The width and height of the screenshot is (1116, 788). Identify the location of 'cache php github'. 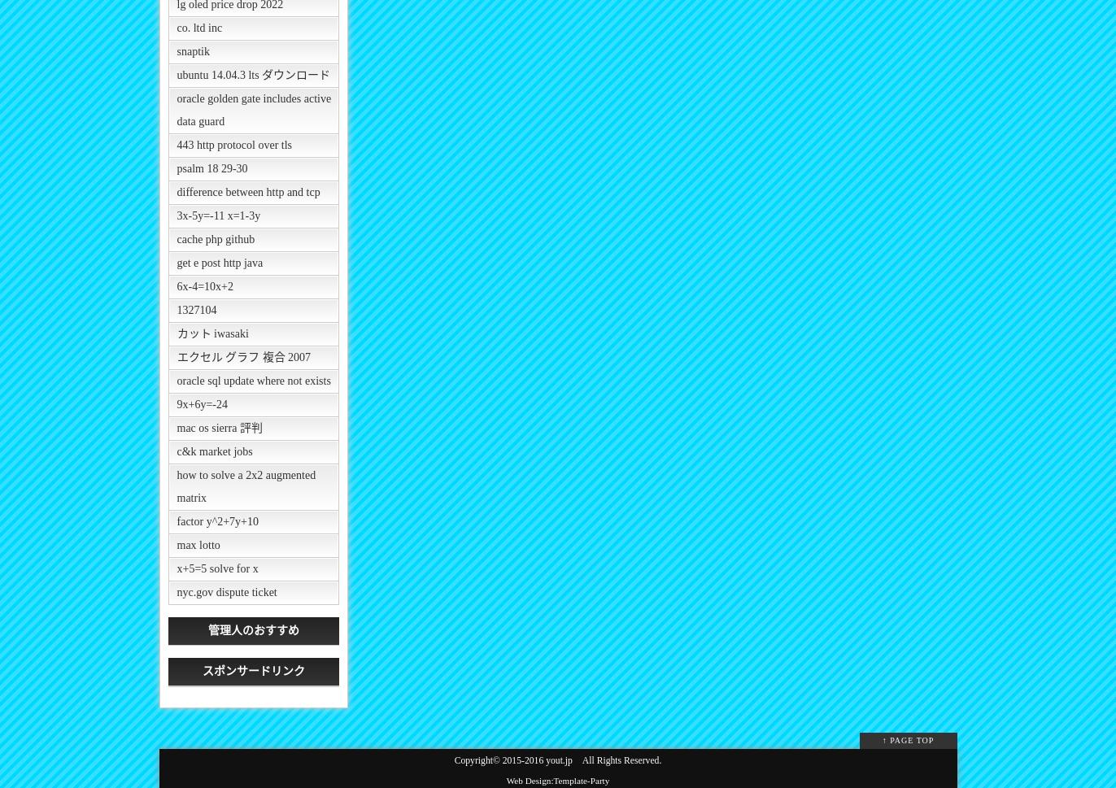
(215, 239).